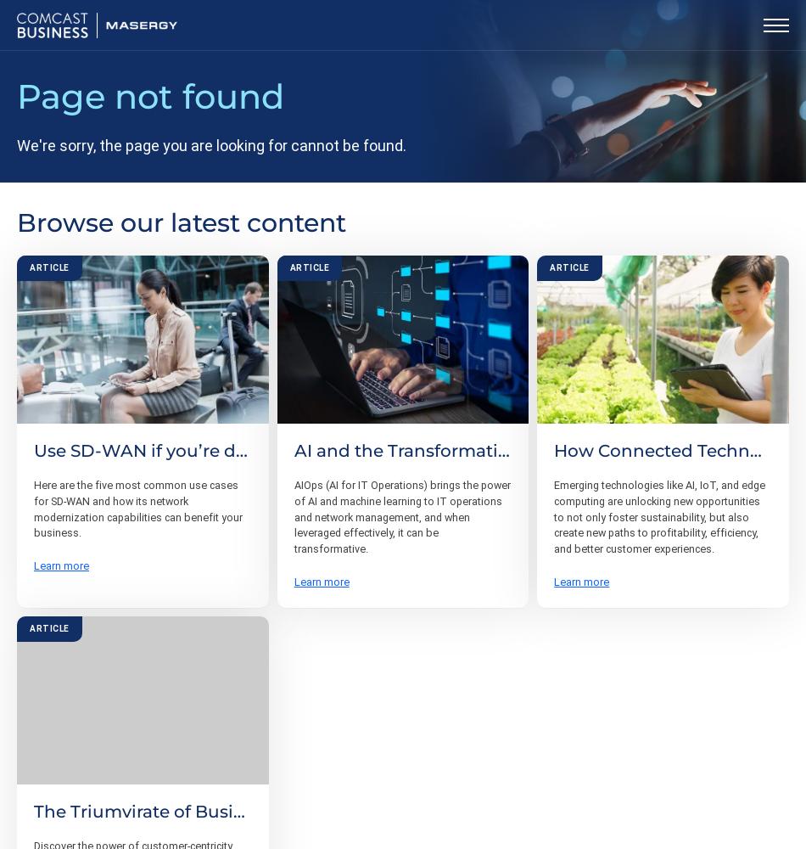  I want to click on 'First Name', so click(97, 614).